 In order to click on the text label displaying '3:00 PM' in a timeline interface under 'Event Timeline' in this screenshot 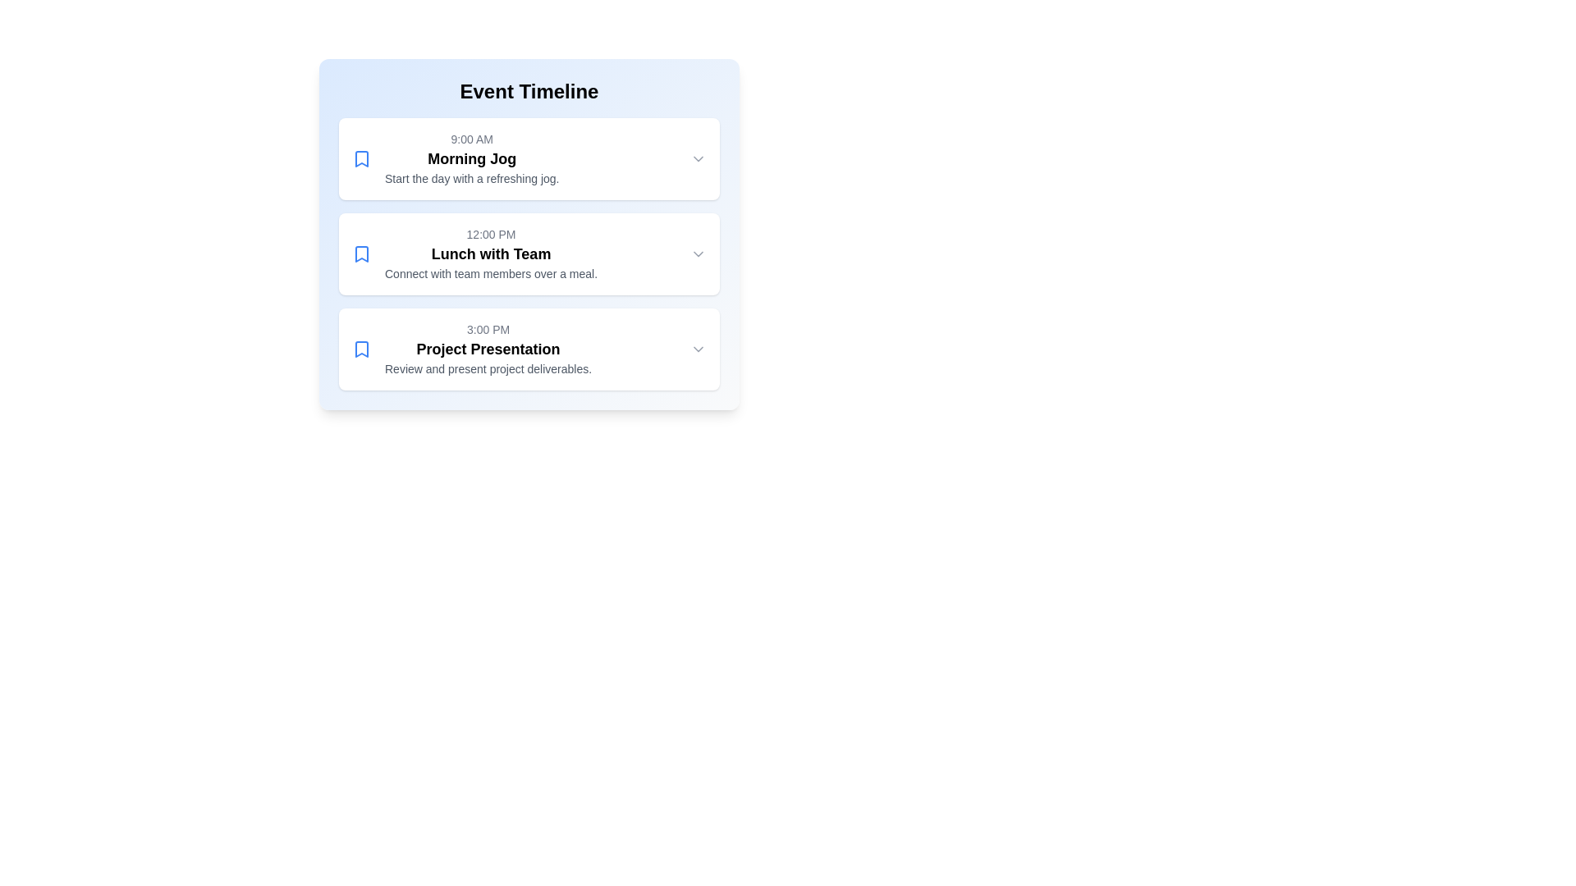, I will do `click(488, 329)`.